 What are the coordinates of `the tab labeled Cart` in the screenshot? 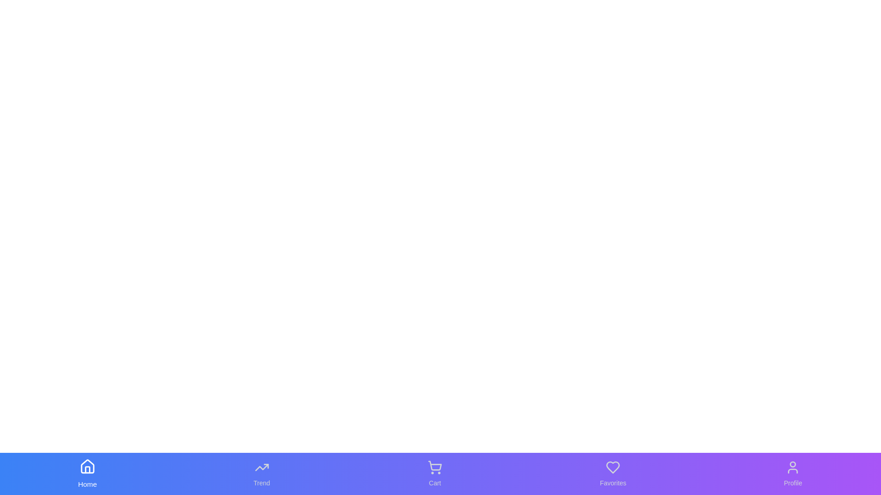 It's located at (435, 473).